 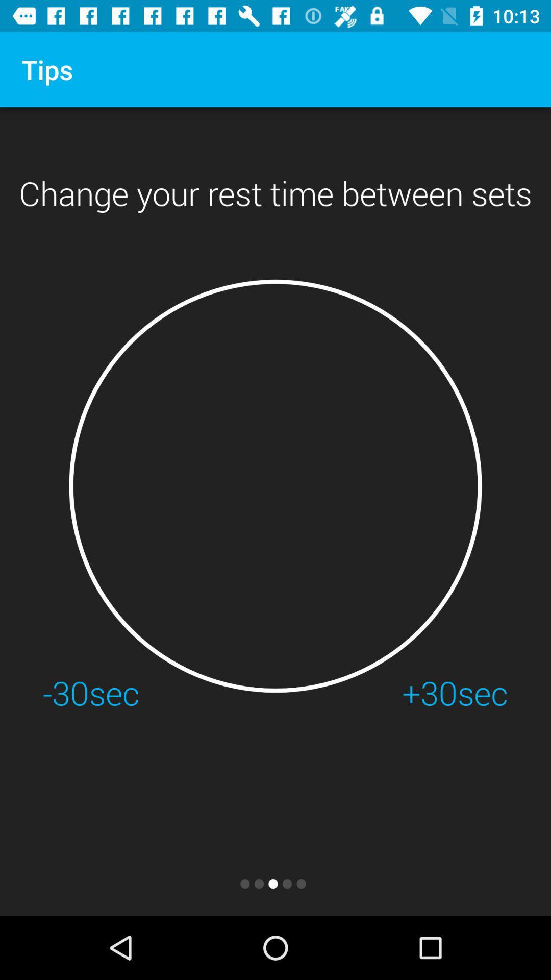 What do you see at coordinates (275, 485) in the screenshot?
I see `the icon at the center` at bounding box center [275, 485].